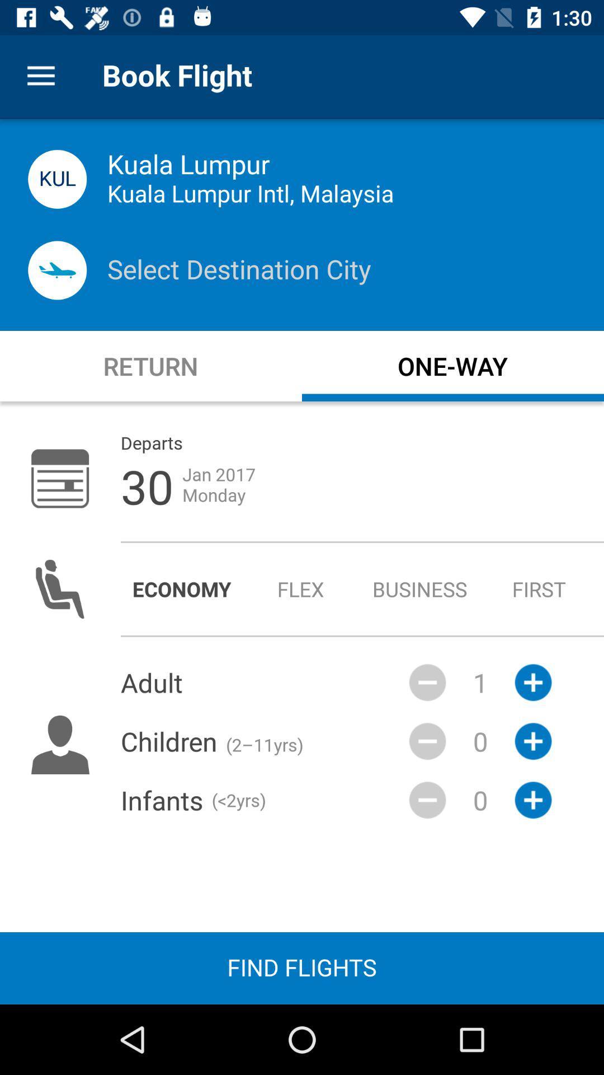 This screenshot has height=1075, width=604. I want to click on the icon to the left of the book flight item, so click(40, 76).